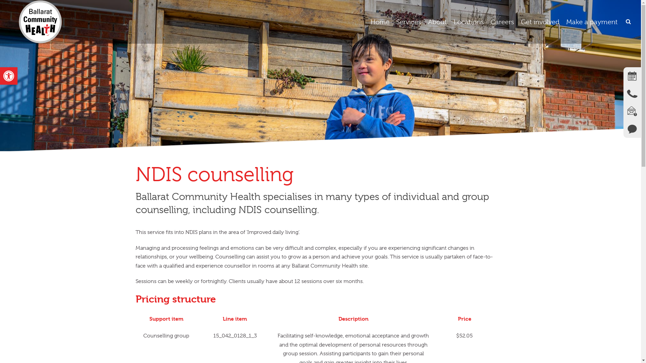  What do you see at coordinates (540, 22) in the screenshot?
I see `'Get involved'` at bounding box center [540, 22].